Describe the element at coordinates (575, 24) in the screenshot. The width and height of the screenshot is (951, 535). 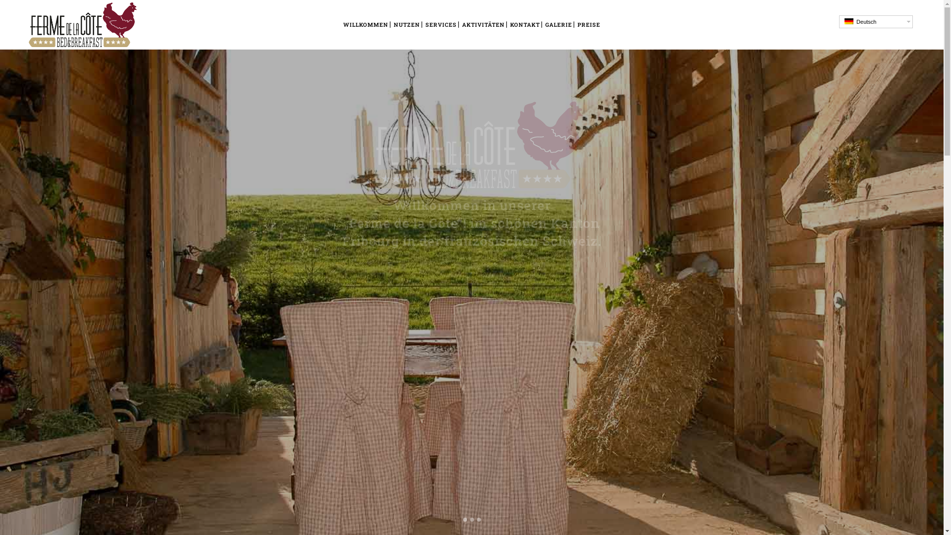
I see `'PREISE'` at that location.